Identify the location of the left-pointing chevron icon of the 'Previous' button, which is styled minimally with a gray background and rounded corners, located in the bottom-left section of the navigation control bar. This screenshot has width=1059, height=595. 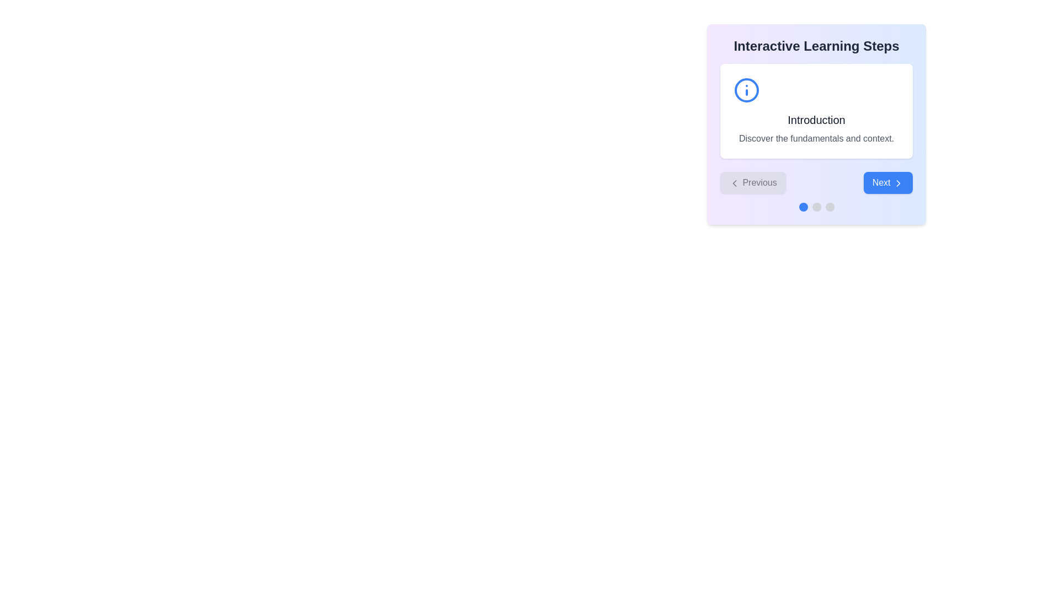
(734, 182).